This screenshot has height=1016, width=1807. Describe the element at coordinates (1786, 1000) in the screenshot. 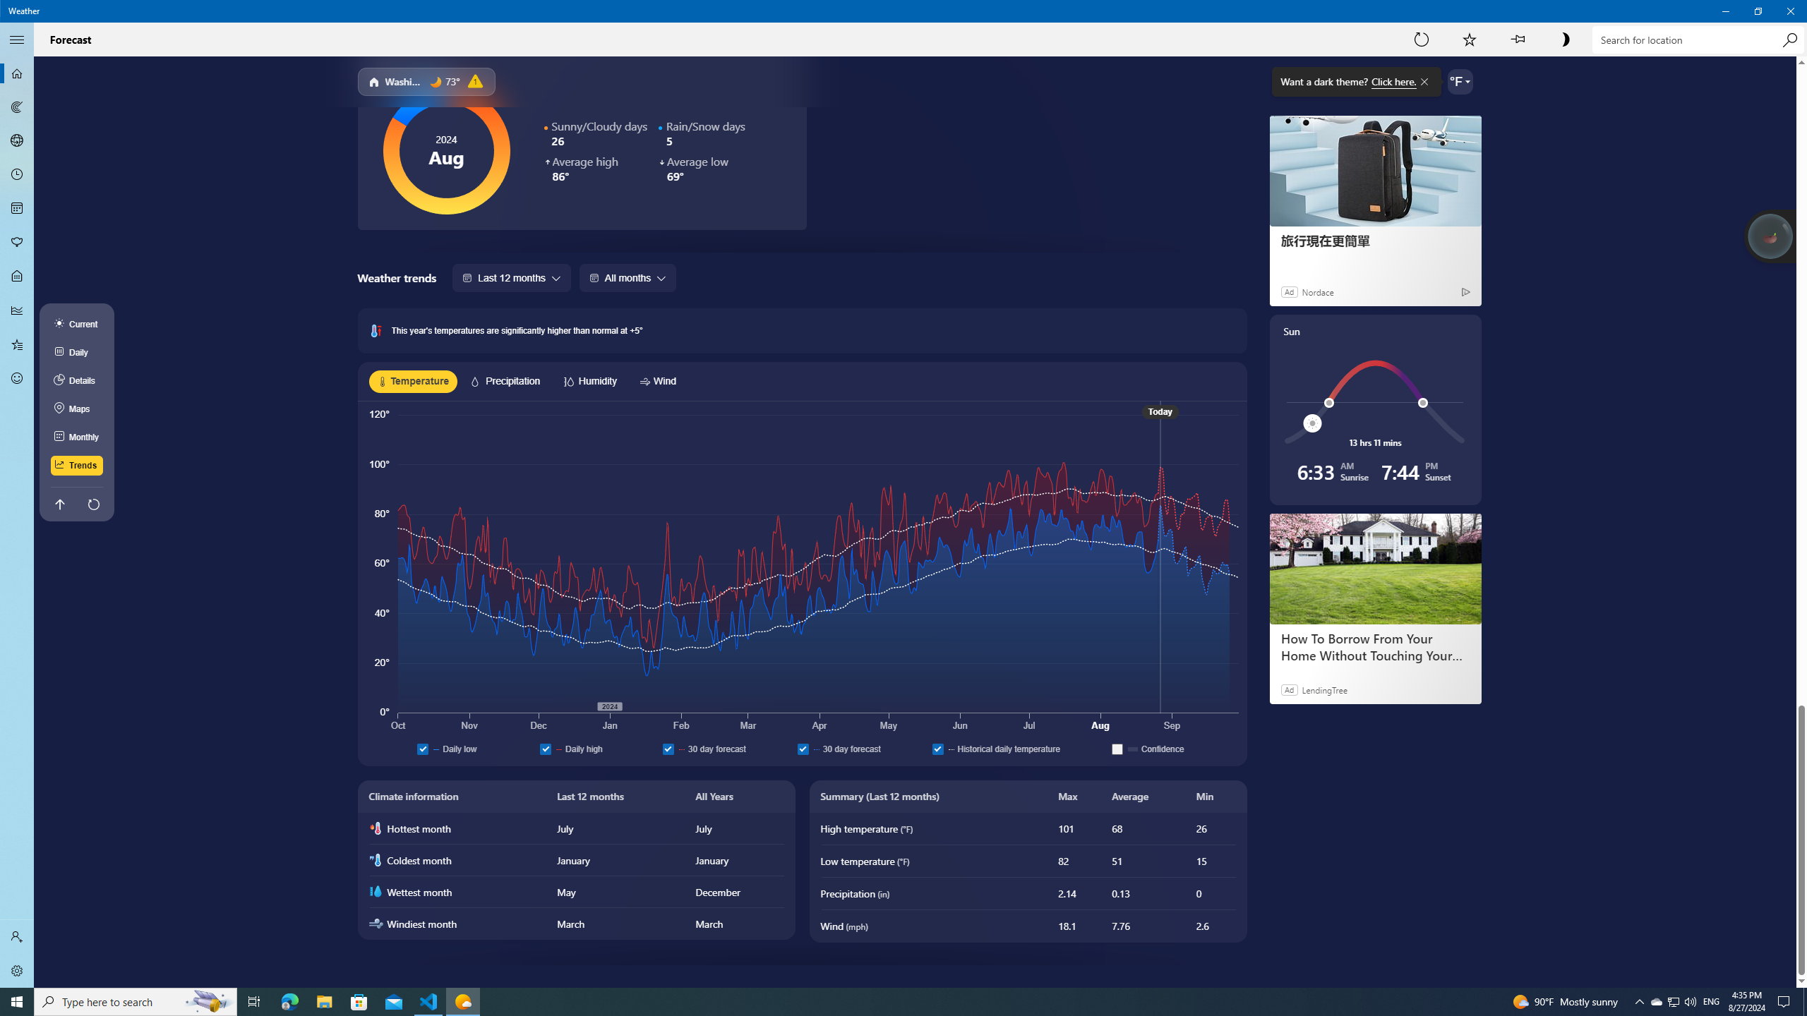

I see `'Action Center, No new notifications'` at that location.